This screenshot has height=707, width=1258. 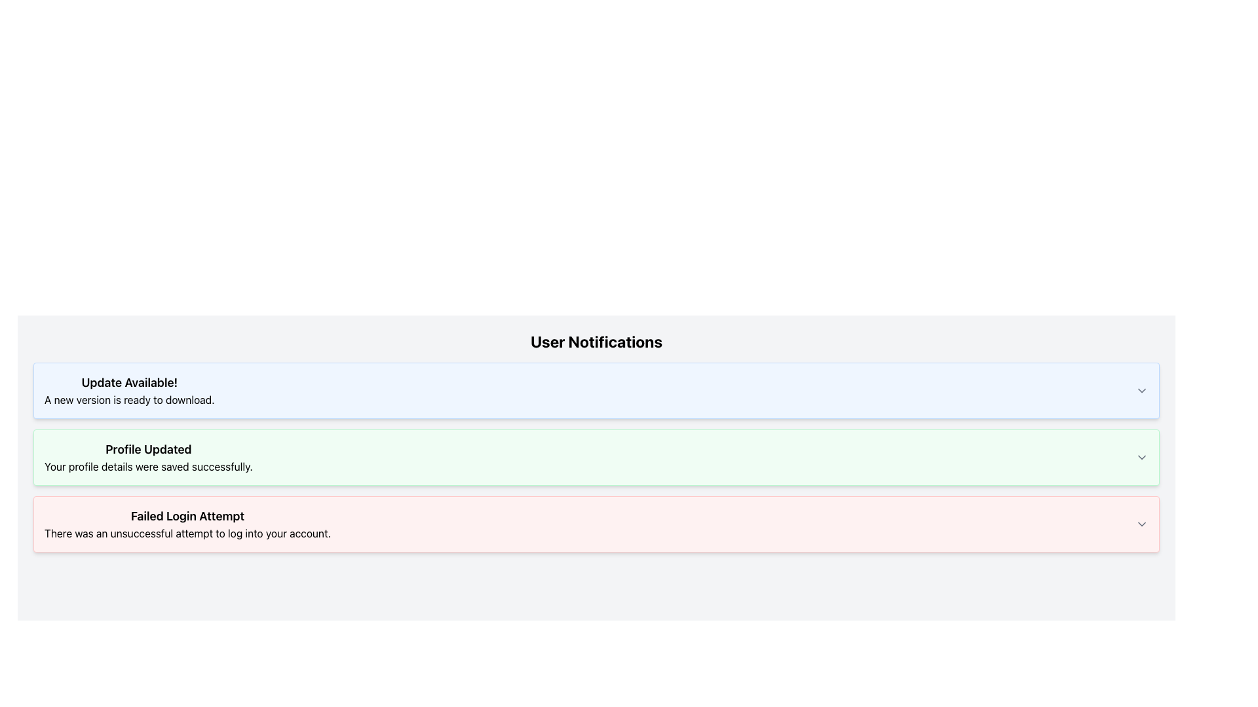 What do you see at coordinates (596, 340) in the screenshot?
I see `the text label displaying 'User Notifications', which is a prominent heading styled in bold and large font, positioned at the upper section of the visible area` at bounding box center [596, 340].